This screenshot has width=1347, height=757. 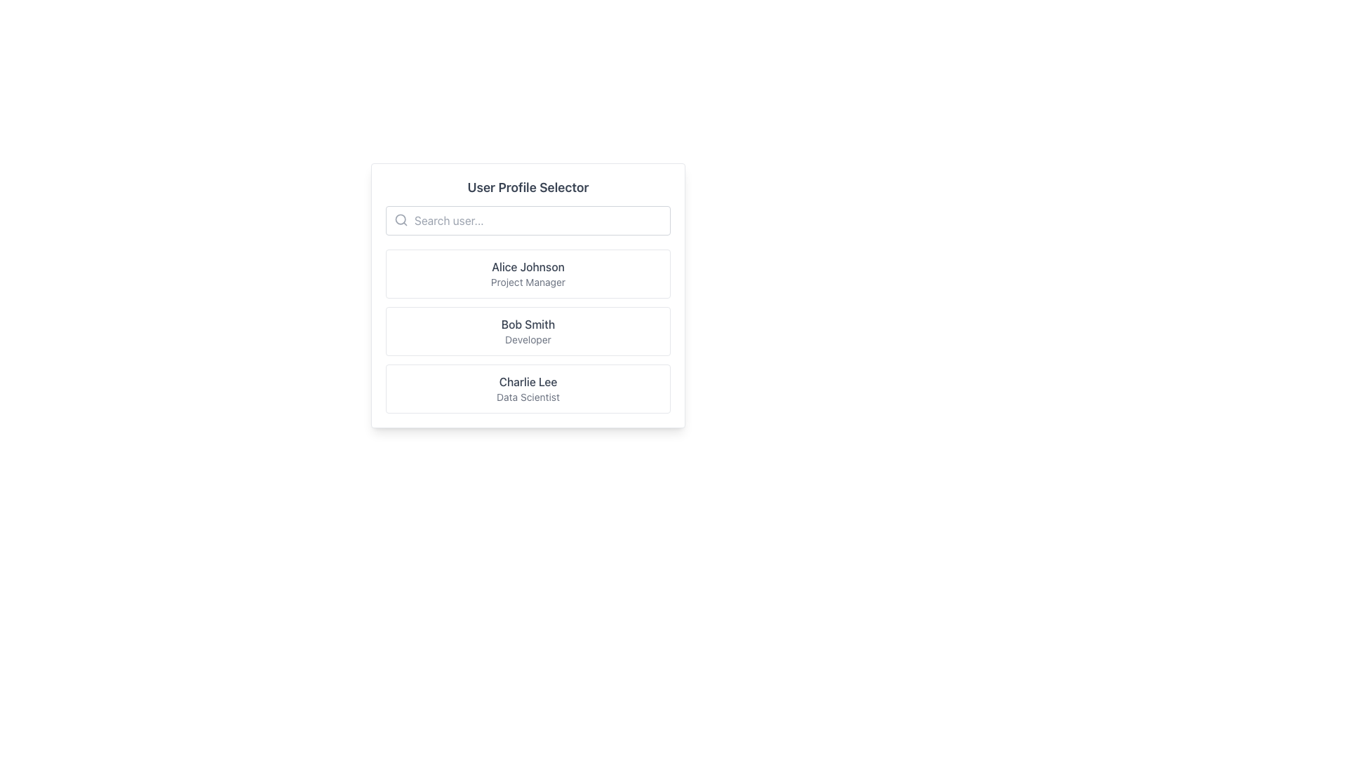 I want to click on the informational display element for the user profile that contains the user's name and occupation, which is the second entry in the 'User Profile Selector' modal, located beneath 'Alice Johnson' and above 'Charlie Lee', so click(x=528, y=332).